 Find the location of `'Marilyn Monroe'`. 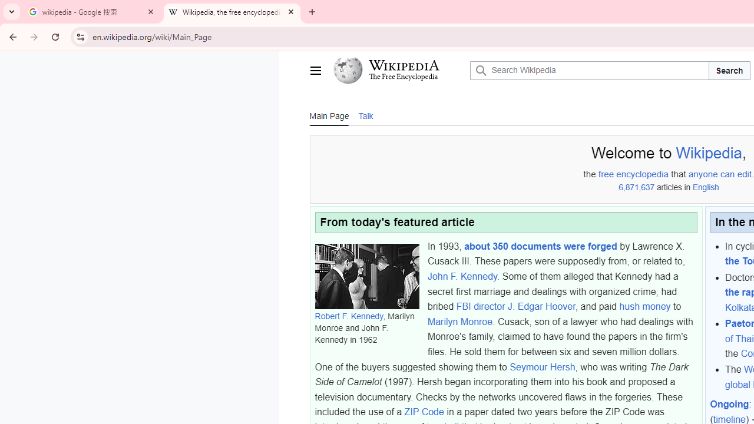

'Marilyn Monroe' is located at coordinates (459, 322).